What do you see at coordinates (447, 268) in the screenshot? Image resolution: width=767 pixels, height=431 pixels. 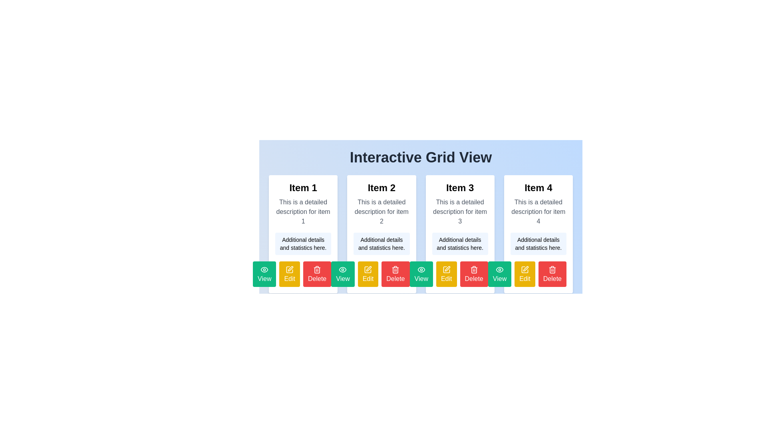 I see `the pen-like icon representing editing functionality located centrally within the action icons of the third card ('Item 3') to initiate an edit action` at bounding box center [447, 268].